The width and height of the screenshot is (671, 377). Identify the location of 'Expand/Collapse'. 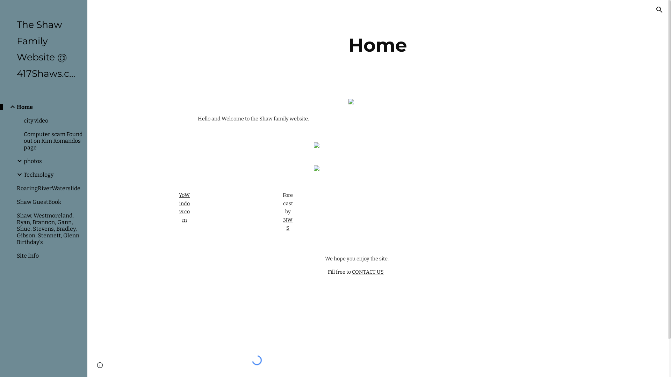
(10, 106).